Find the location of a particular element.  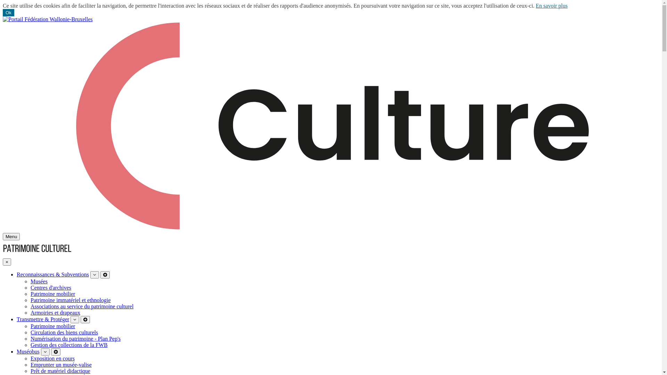

'Ok' is located at coordinates (8, 12).